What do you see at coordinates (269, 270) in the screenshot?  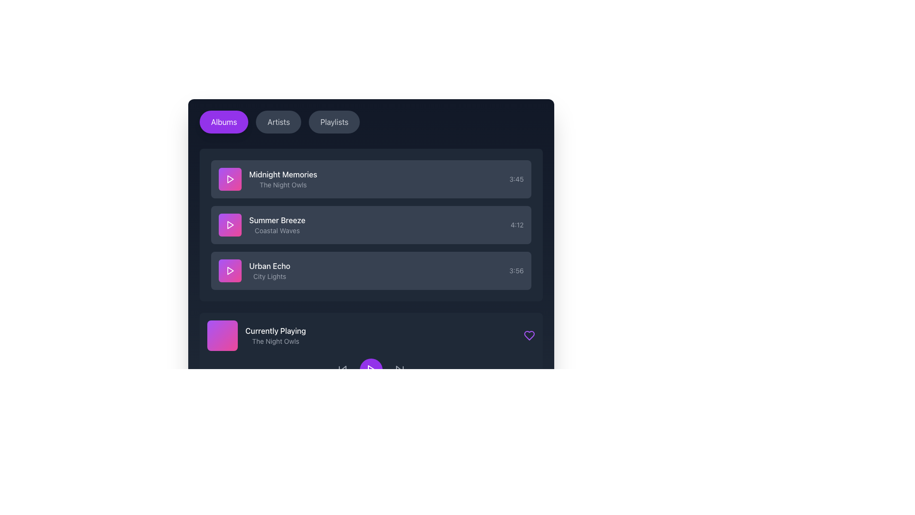 I see `the text block displaying the title and description of a media item, located` at bounding box center [269, 270].